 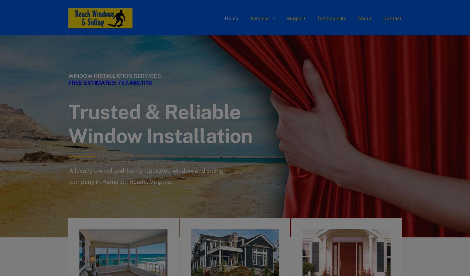 I want to click on 'Support', so click(x=296, y=18).